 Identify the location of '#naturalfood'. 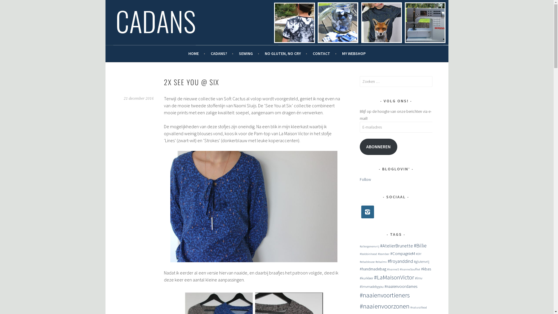
(419, 307).